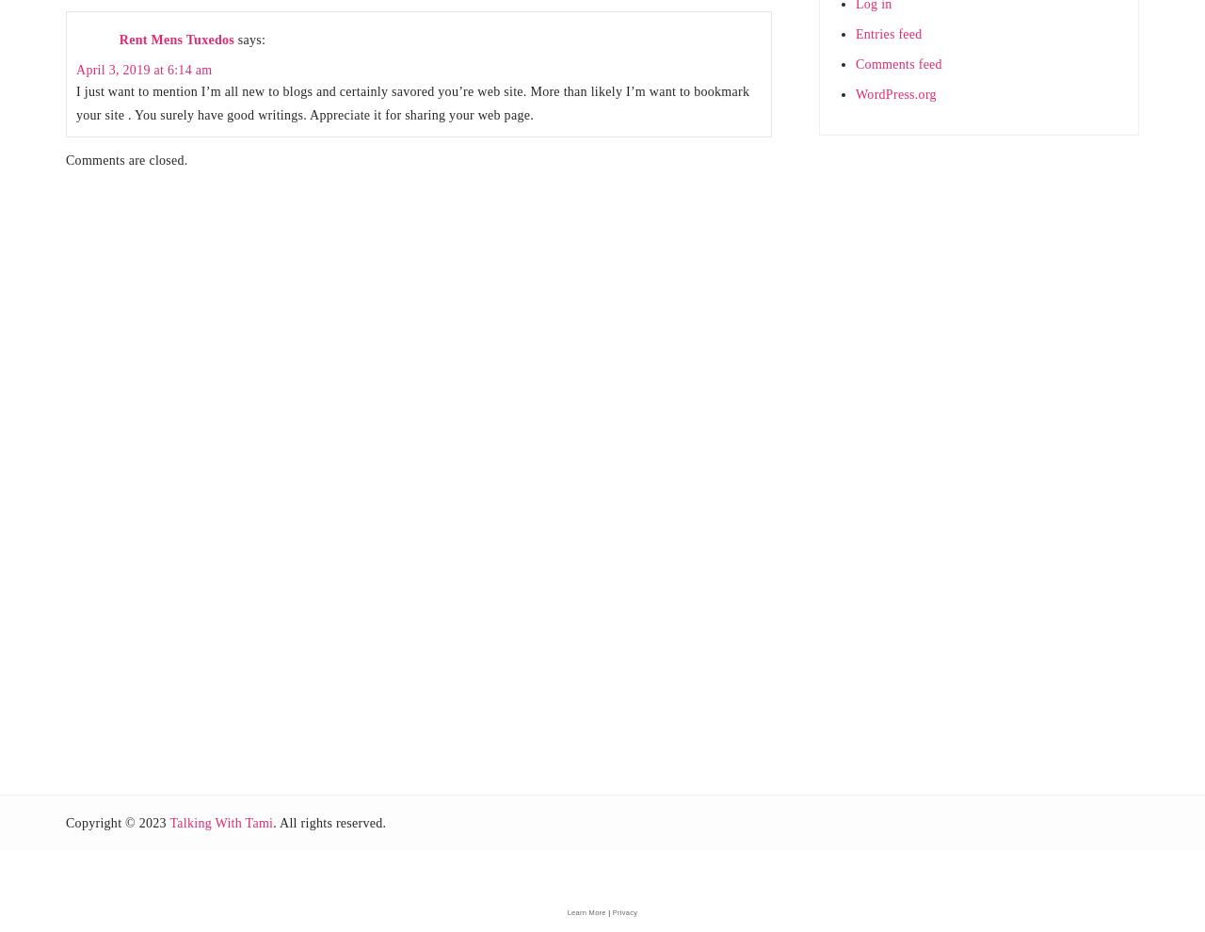 This screenshot has height=932, width=1205. Describe the element at coordinates (565, 911) in the screenshot. I see `'Learn More'` at that location.